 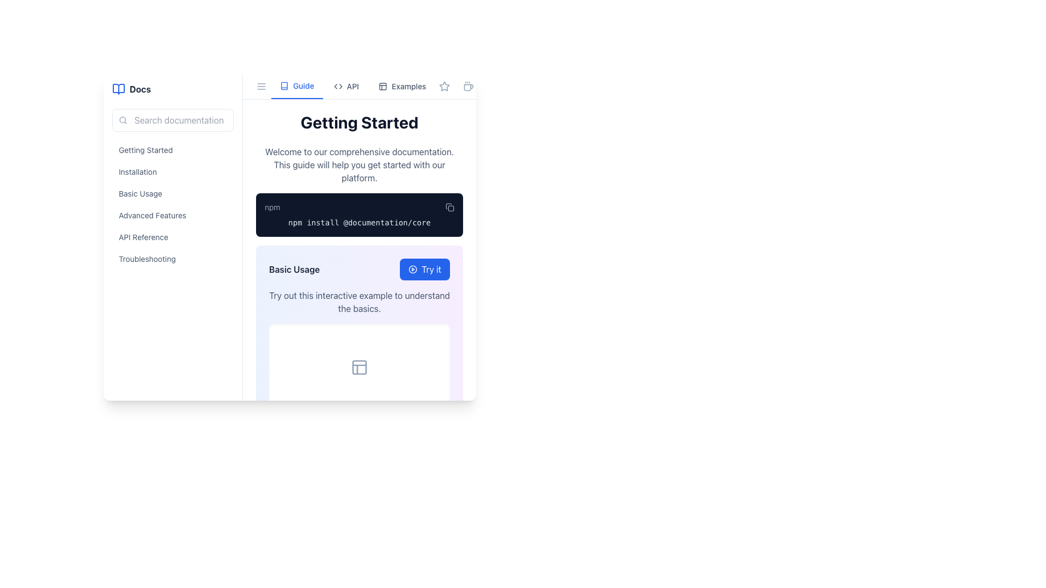 What do you see at coordinates (412, 269) in the screenshot?
I see `the play icon located to the left of the 'Try it' button, which has a blue background and white text, indicating a start action` at bounding box center [412, 269].